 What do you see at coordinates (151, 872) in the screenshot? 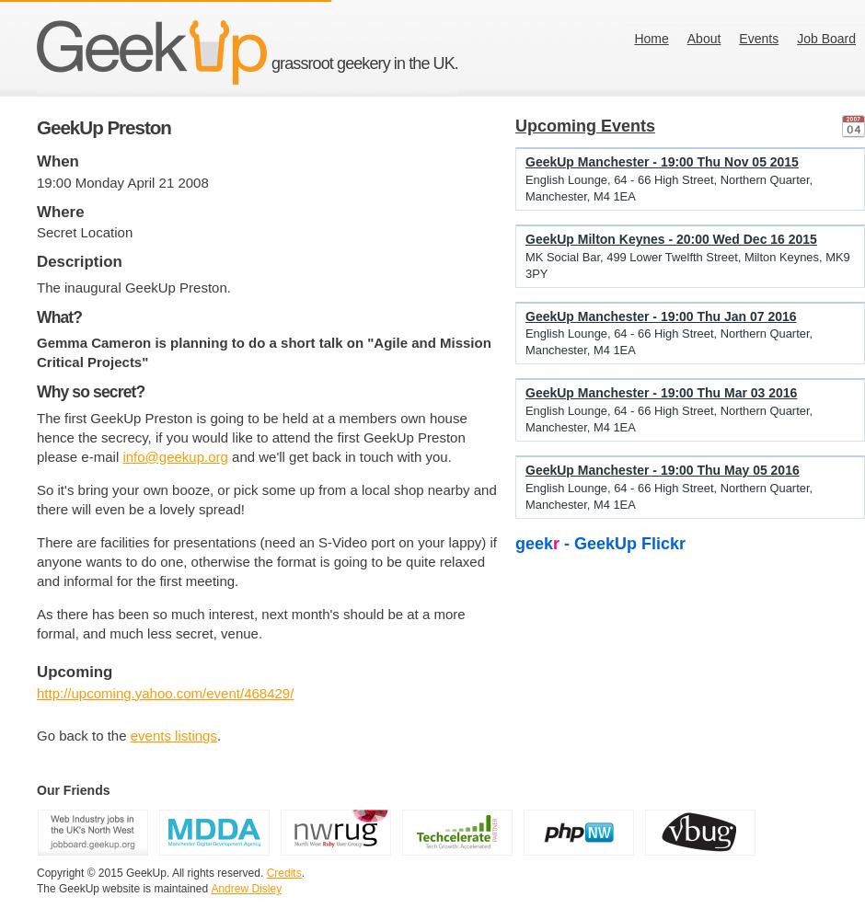
I see `'Copyright © 2015 GeekUp. All rights reserved.'` at bounding box center [151, 872].